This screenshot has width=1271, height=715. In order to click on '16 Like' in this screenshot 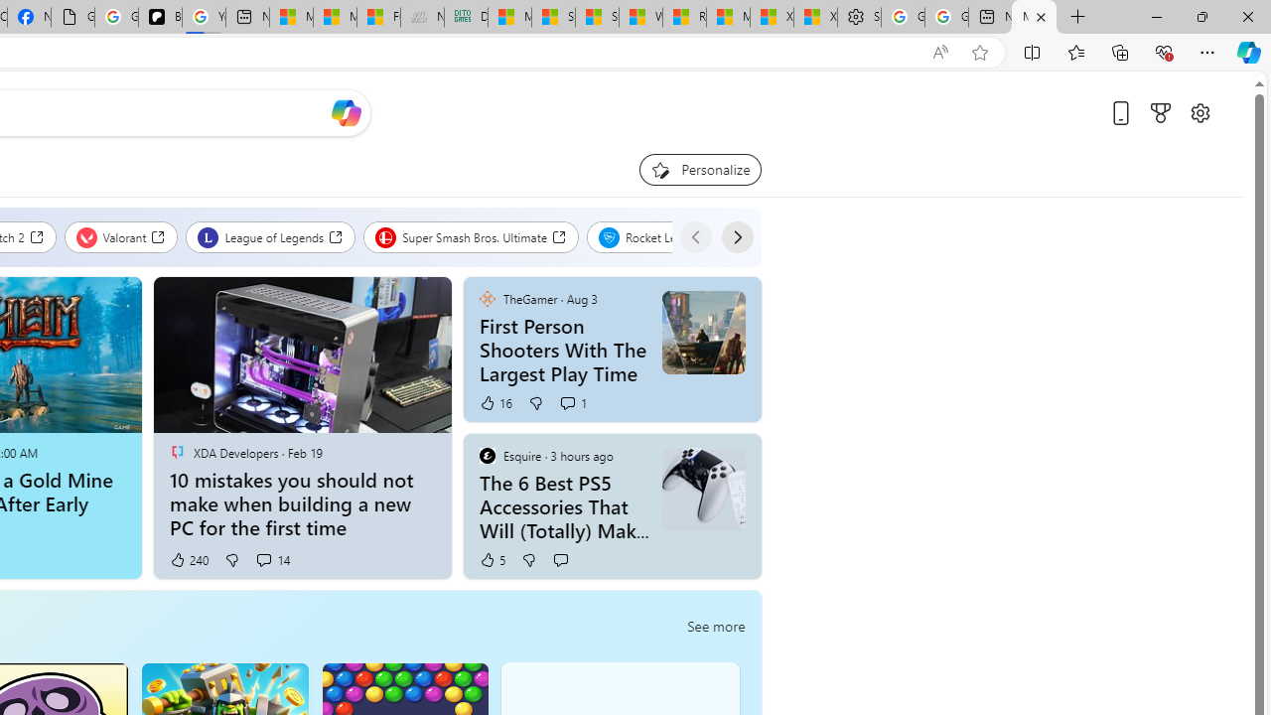, I will do `click(494, 402)`.